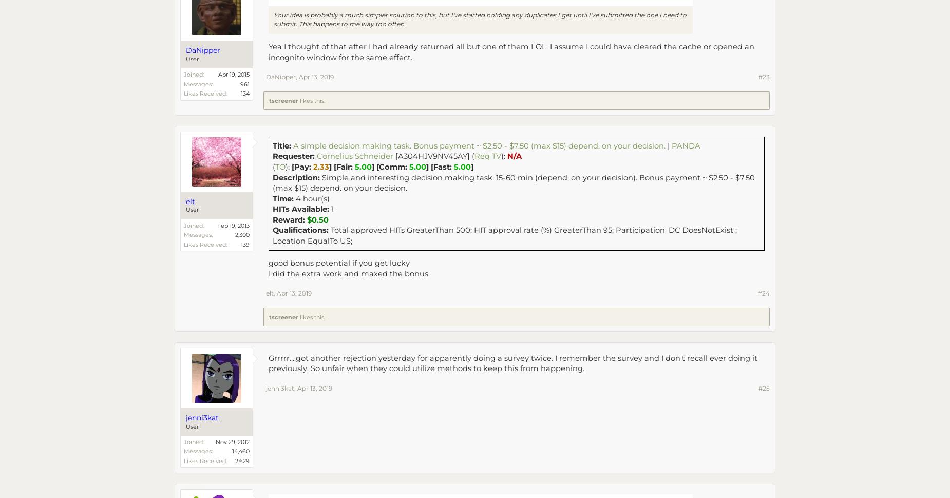 This screenshot has width=950, height=498. Describe the element at coordinates (301, 208) in the screenshot. I see `'HITs Available:'` at that location.